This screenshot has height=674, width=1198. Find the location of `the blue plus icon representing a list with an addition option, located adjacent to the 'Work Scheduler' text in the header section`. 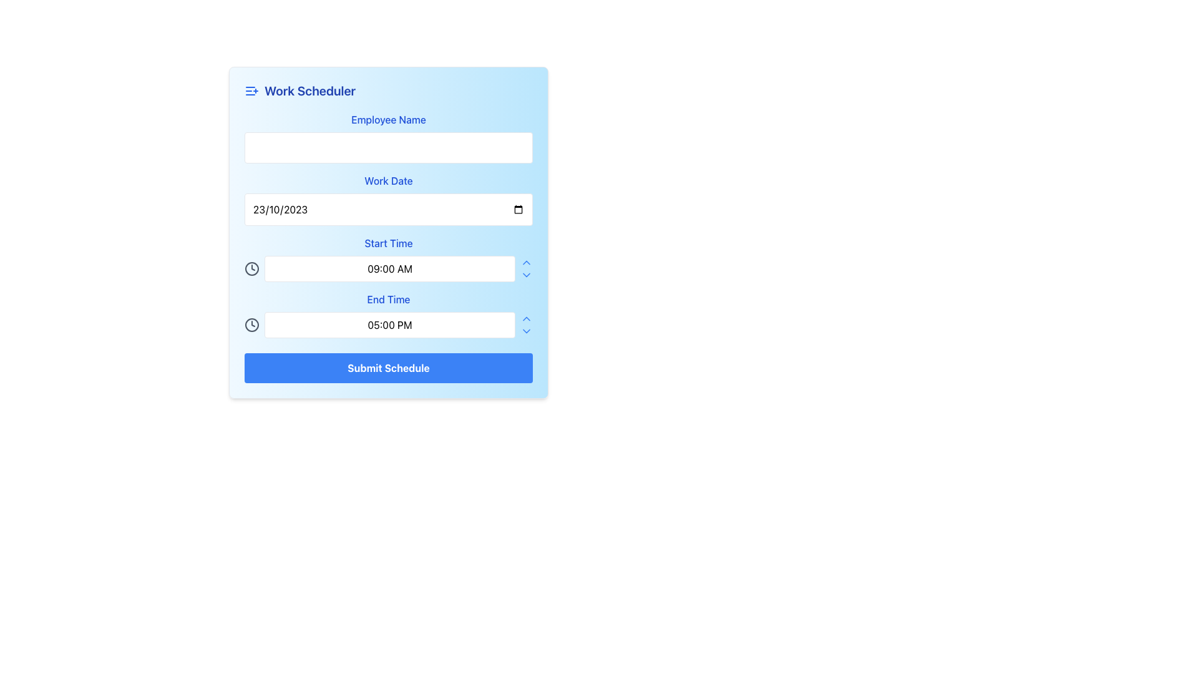

the blue plus icon representing a list with an addition option, located adjacent to the 'Work Scheduler' text in the header section is located at coordinates (251, 90).